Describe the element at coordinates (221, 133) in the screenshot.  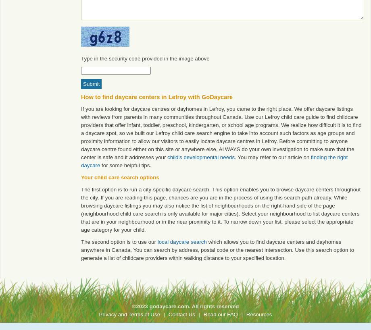
I see `'If you are looking for daycare centres or dayhomes in Lefroy, you came to the right place. We offer daycare listings with reviews from parents in many communities throughout Canada. Use our Lefroy child care guide to find childcare providers that offer infant, toddler, preschool, kindergarten, or school age programs. We realize how difficult it is to find a daycare spot, so we built our Lefroy child care  search engine to take into account such factors as age groups and proximity information to allow our visitors to easily locate daycare centres in Lefroy. Before committing to anyone daycare centre found either on this site or anywhere else, ALWAYS do your own investigation to make sure that the center is safe and it addresses your'` at that location.